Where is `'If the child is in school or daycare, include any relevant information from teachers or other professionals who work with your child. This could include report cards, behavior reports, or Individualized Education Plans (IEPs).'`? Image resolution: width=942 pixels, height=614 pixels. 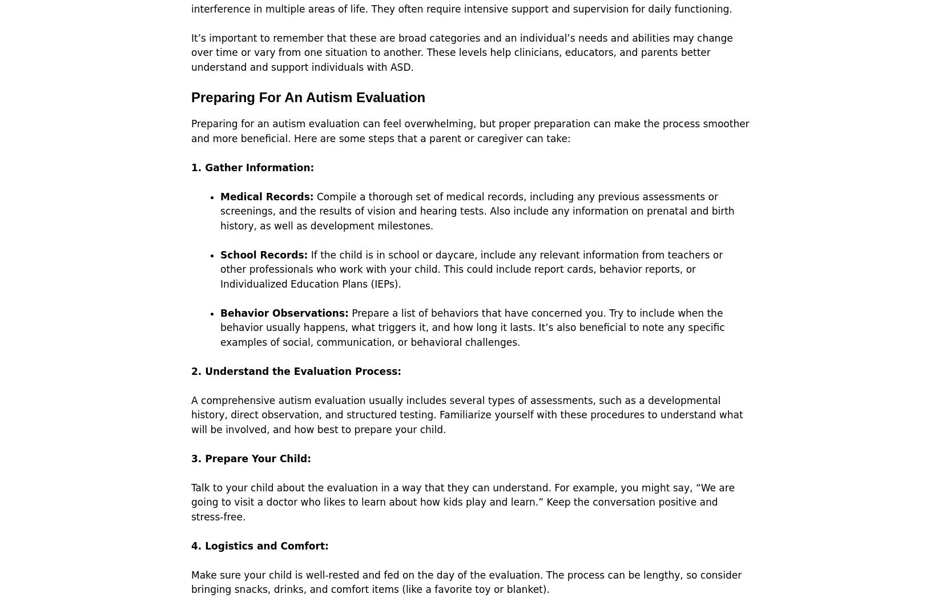 'If the child is in school or daycare, include any relevant information from teachers or other professionals who work with your child. This could include report cards, behavior reports, or Individualized Education Plans (IEPs).' is located at coordinates (471, 268).